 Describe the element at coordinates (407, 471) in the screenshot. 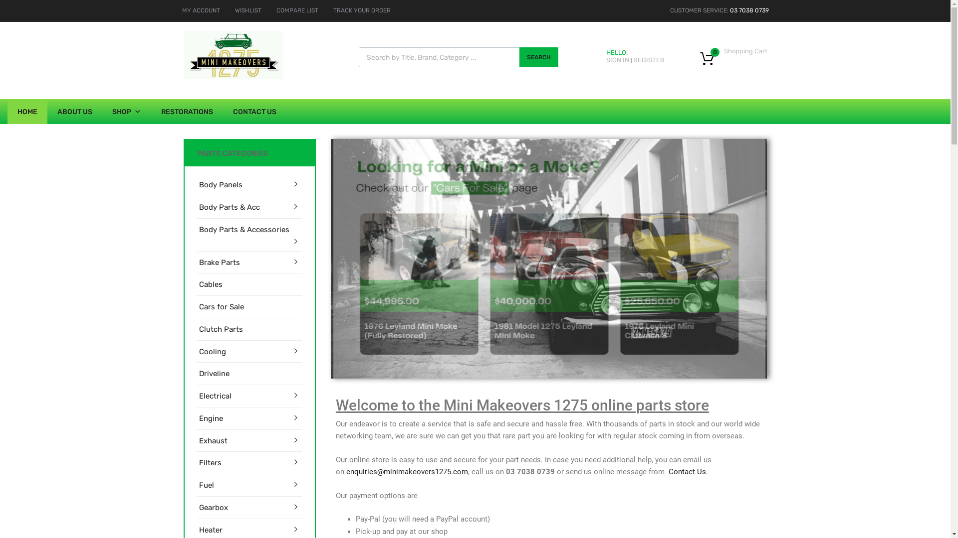

I see `'enquiries@minimakeovers1275.com'` at that location.